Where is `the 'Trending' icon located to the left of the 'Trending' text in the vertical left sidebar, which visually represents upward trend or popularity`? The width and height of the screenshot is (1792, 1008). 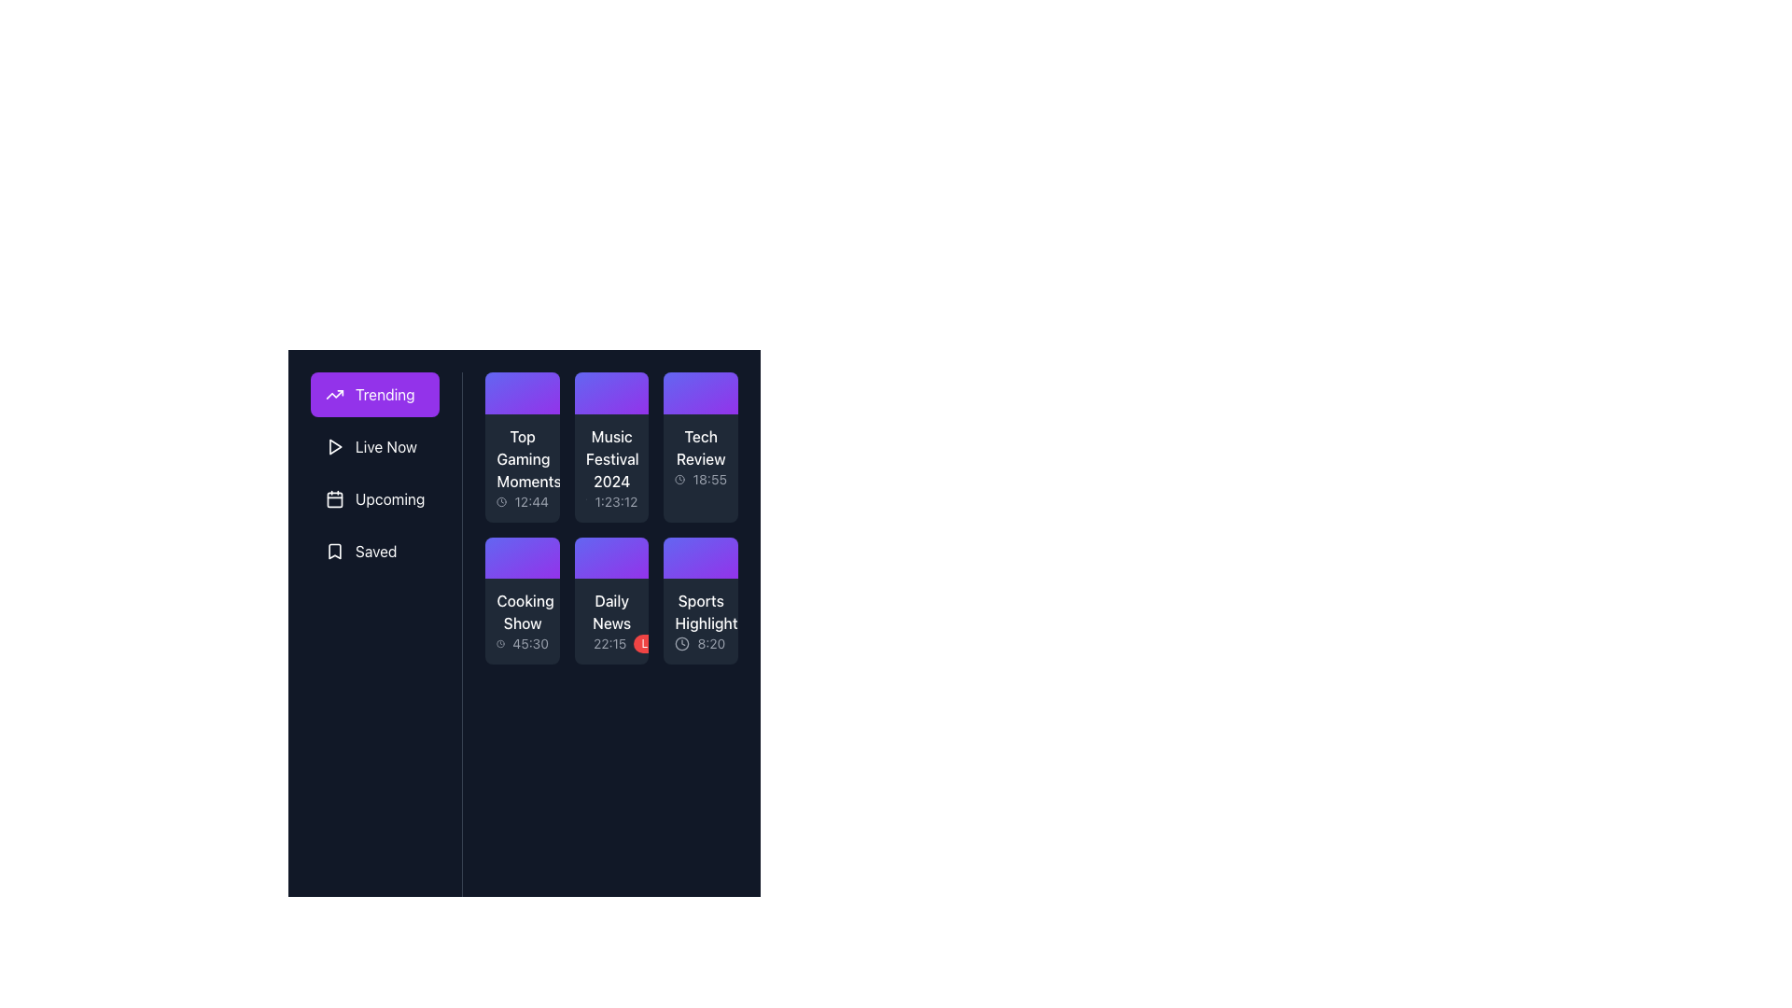 the 'Trending' icon located to the left of the 'Trending' text in the vertical left sidebar, which visually represents upward trend or popularity is located at coordinates (335, 394).